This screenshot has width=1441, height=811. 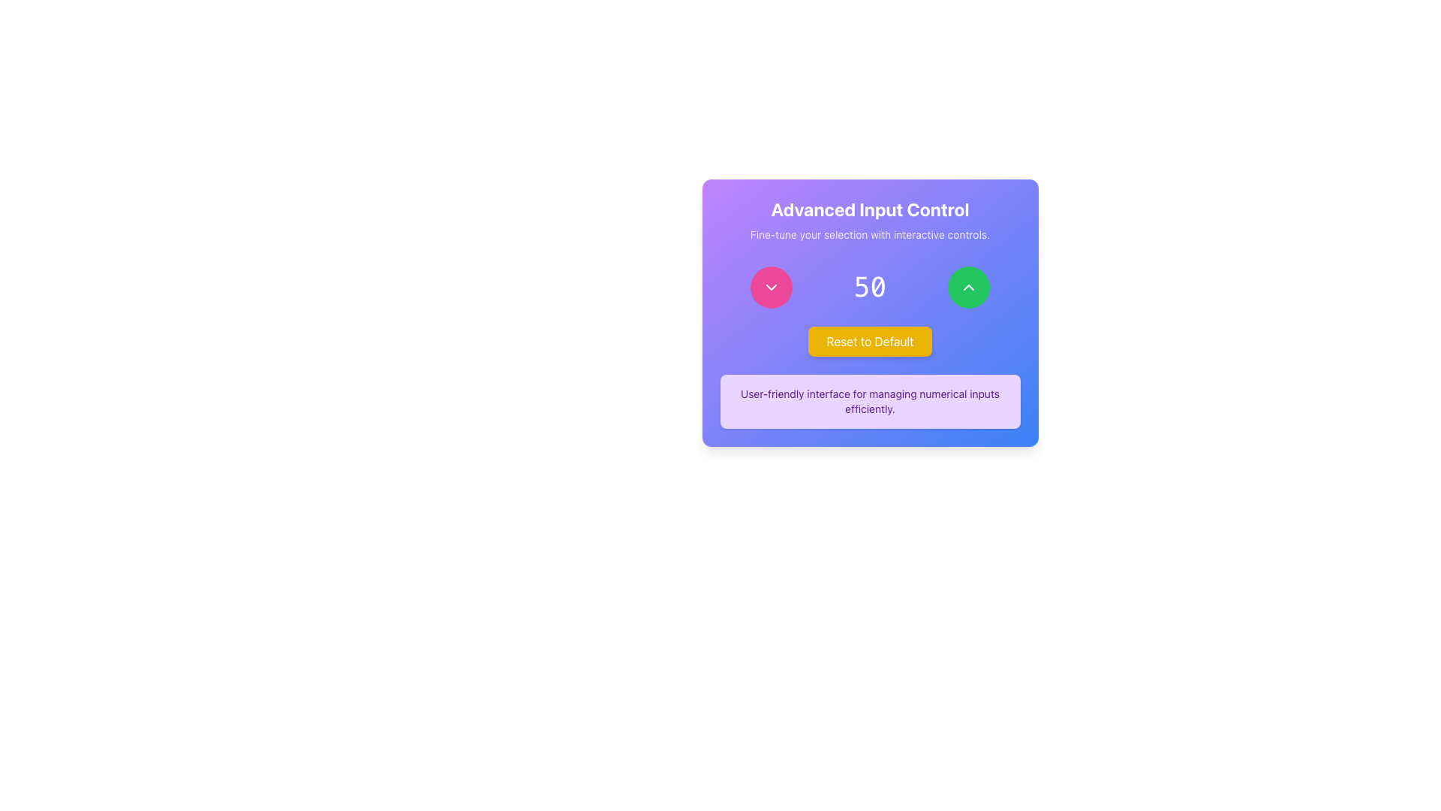 I want to click on the chevron-up icon with a green circular background to increment the number in the numeric input section, so click(x=968, y=287).